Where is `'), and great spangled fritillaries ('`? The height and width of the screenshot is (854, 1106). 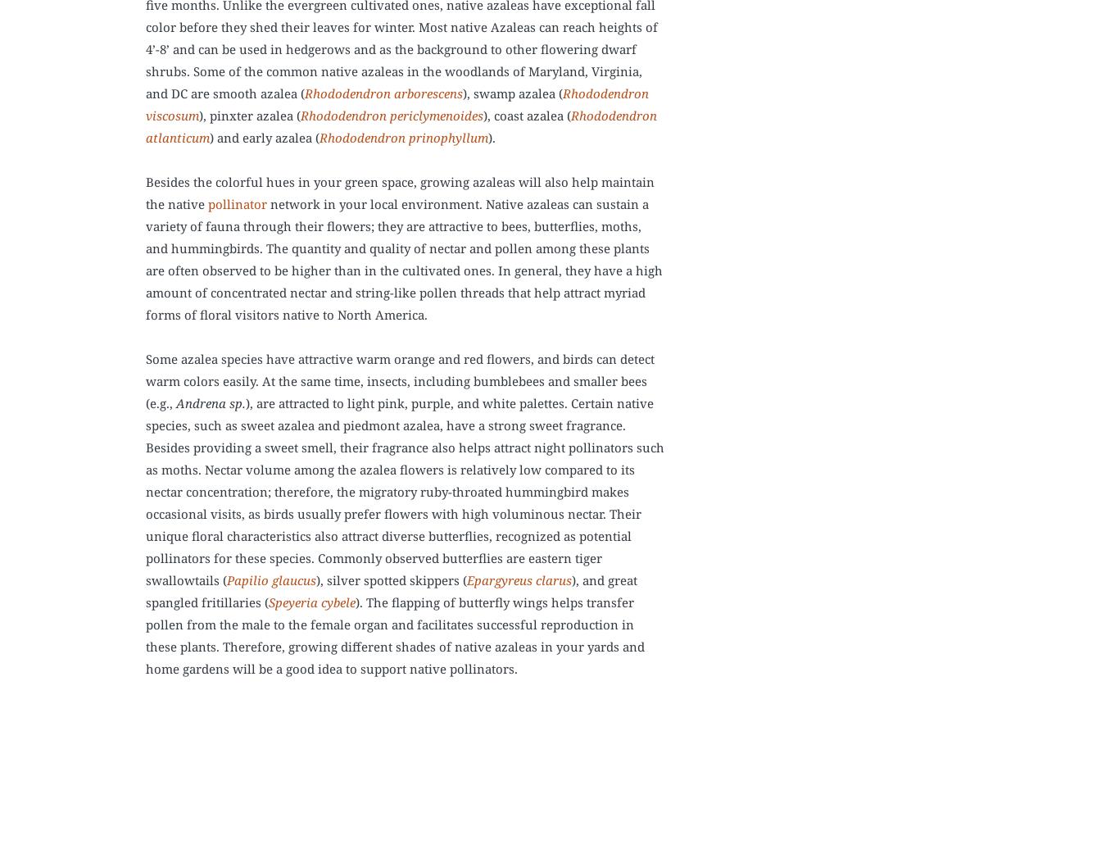
'), and great spangled fritillaries (' is located at coordinates (146, 589).